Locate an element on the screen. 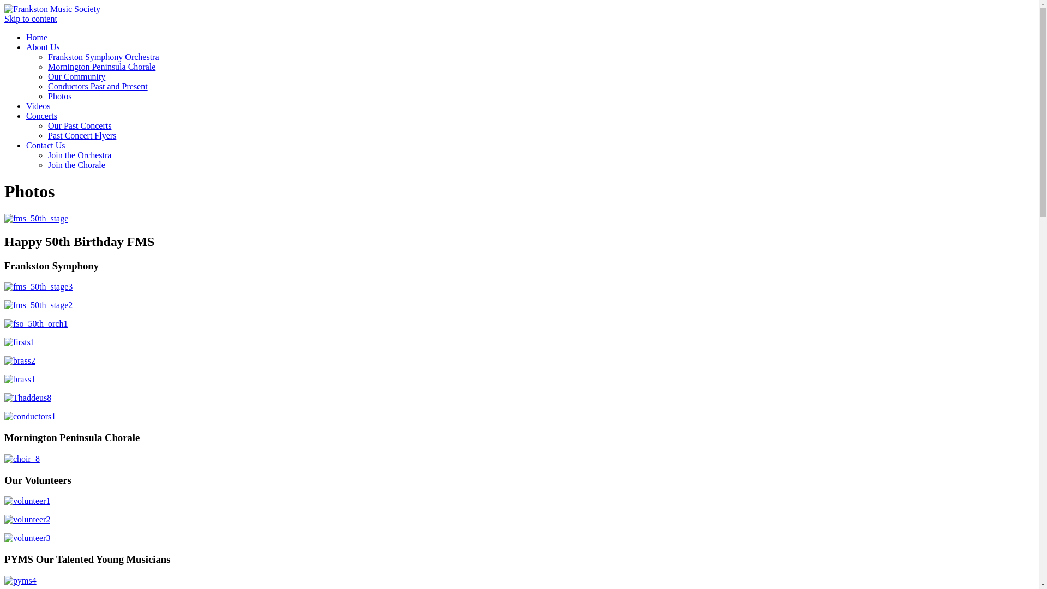 Image resolution: width=1047 pixels, height=589 pixels. 'Frankston Music Society' is located at coordinates (4, 9).